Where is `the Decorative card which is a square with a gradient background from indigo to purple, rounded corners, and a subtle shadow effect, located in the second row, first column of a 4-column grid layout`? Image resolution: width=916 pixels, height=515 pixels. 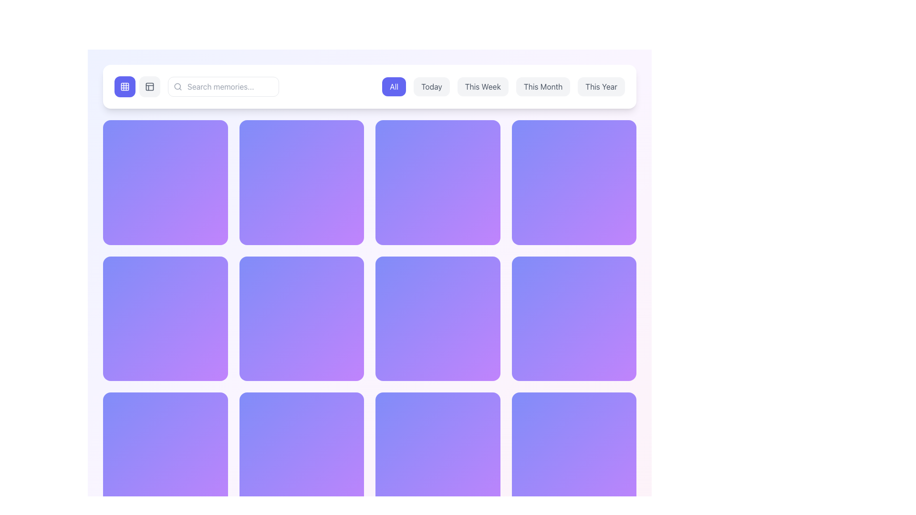
the Decorative card which is a square with a gradient background from indigo to purple, rounded corners, and a subtle shadow effect, located in the second row, first column of a 4-column grid layout is located at coordinates (165, 319).